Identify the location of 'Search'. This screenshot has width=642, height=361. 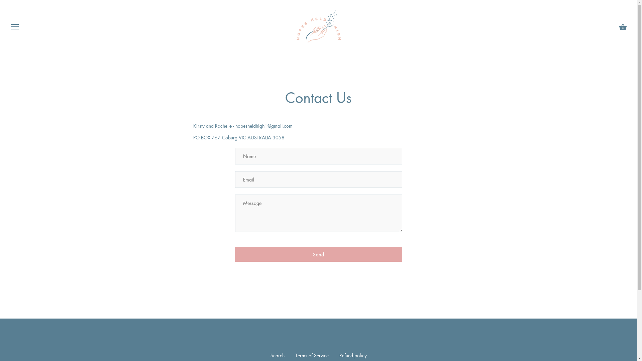
(277, 355).